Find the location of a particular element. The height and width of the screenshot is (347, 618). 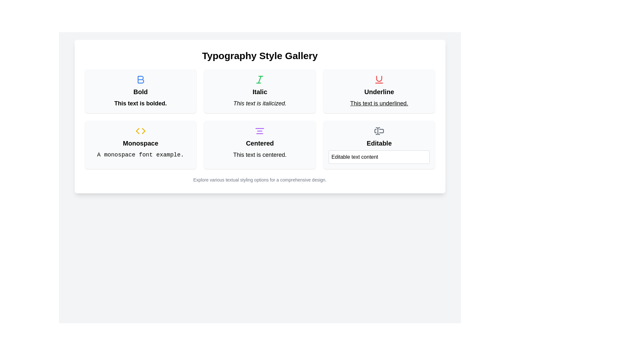

the bold text label element with the label 'Bold', which is styled with a larger font size and positioned prominently below a typography icon is located at coordinates (140, 92).